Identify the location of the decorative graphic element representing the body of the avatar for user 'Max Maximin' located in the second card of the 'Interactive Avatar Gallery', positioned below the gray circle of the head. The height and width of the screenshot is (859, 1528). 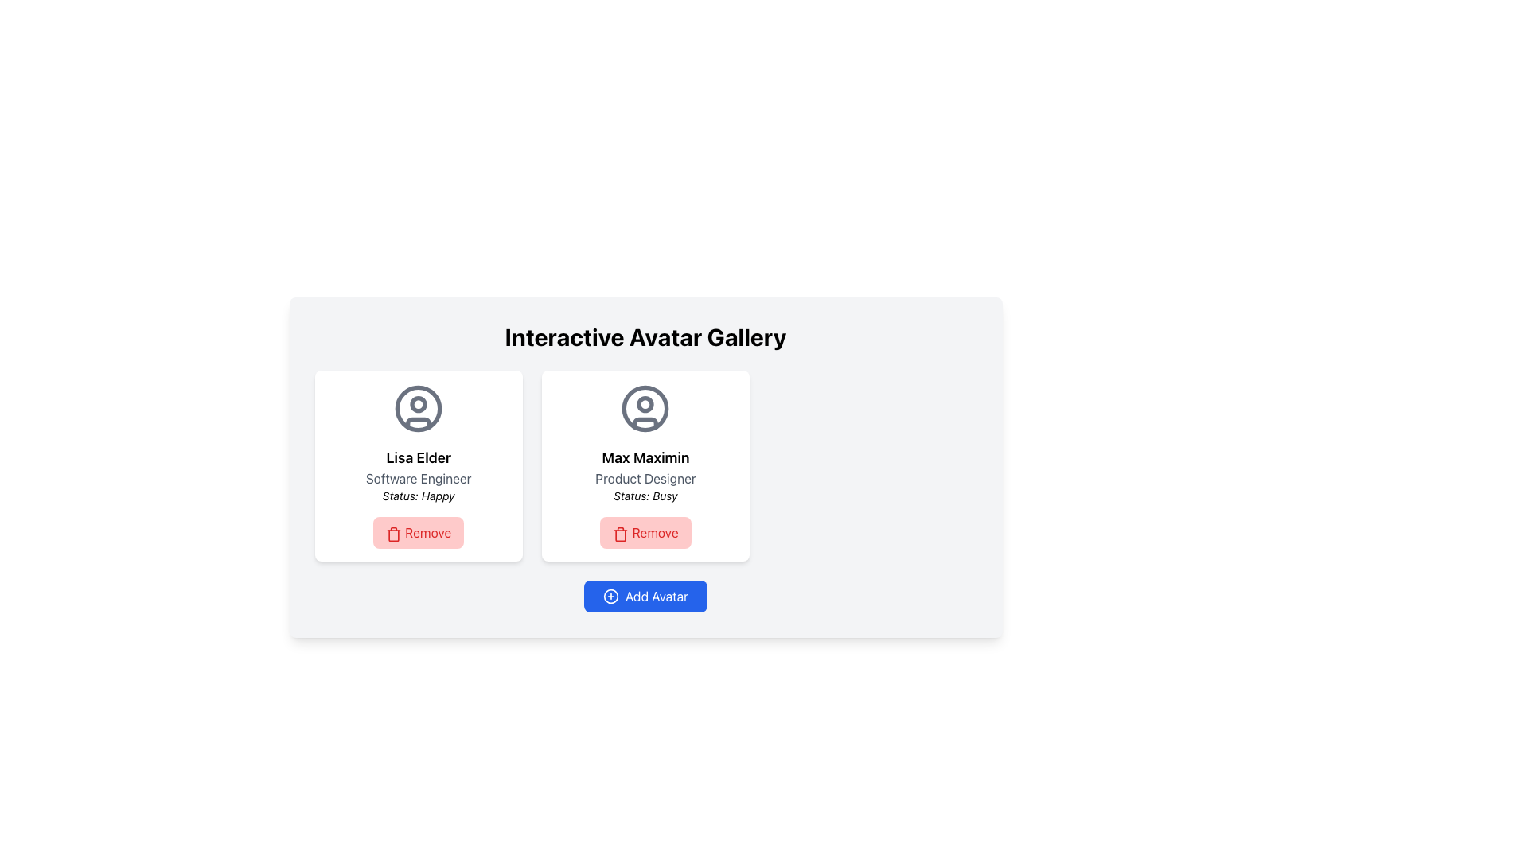
(645, 422).